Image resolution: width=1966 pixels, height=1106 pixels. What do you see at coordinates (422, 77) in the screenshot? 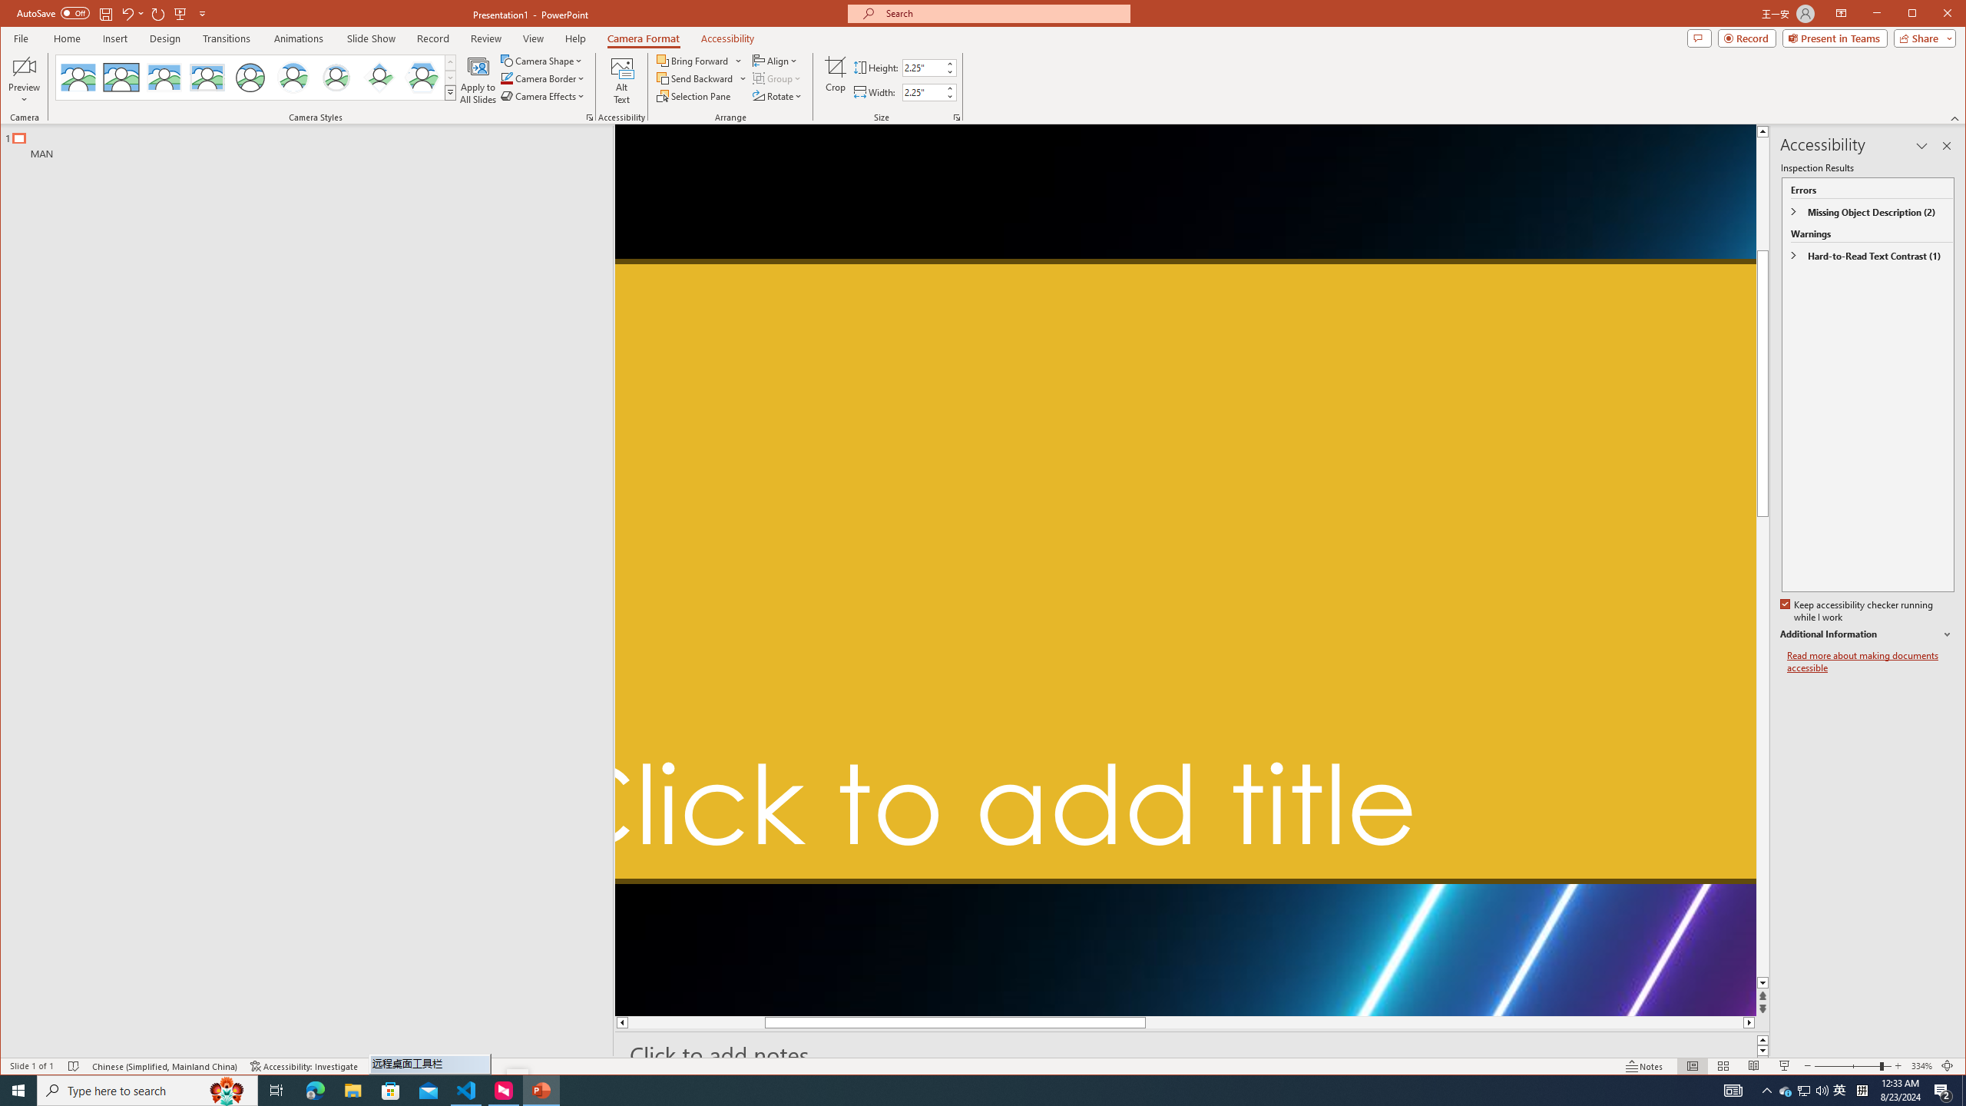
I see `'Center Shadow Hexagon'` at bounding box center [422, 77].